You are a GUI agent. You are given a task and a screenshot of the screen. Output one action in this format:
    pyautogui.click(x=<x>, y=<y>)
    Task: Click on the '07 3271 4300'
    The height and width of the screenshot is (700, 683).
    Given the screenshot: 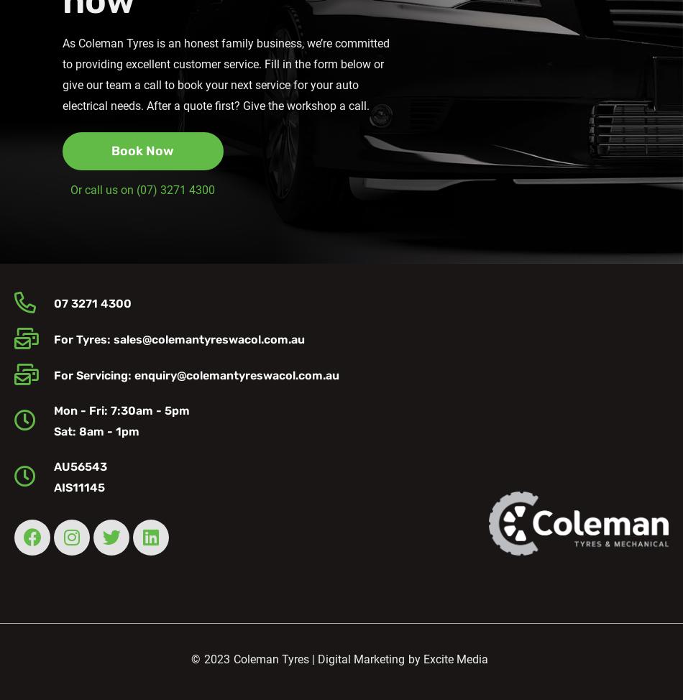 What is the action you would take?
    pyautogui.click(x=91, y=302)
    